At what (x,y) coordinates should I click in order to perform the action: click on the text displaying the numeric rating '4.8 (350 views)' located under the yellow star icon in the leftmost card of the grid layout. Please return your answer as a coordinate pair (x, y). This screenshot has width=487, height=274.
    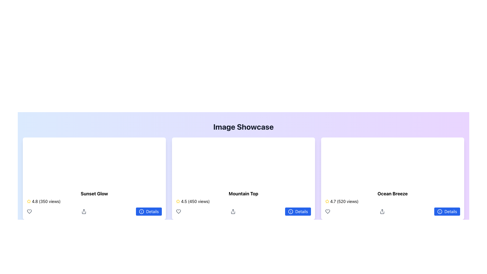
    Looking at the image, I should click on (46, 201).